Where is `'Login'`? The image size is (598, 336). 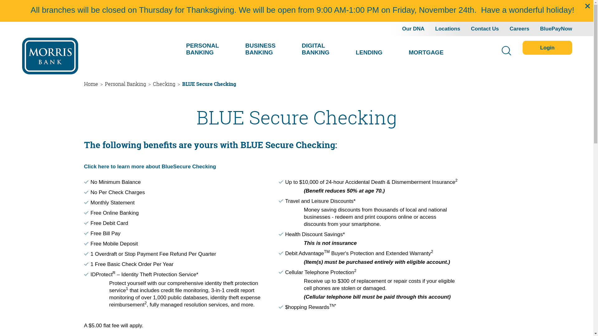
'Login' is located at coordinates (547, 47).